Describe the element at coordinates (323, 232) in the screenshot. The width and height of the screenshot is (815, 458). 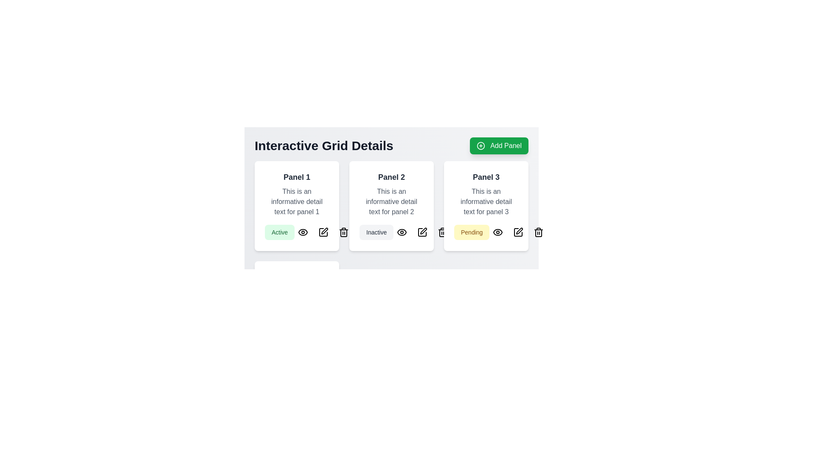
I see `the edit button located to the right of the eye icon and to the left of the trash can icon in the action row below the 'Panel 1' card` at that location.